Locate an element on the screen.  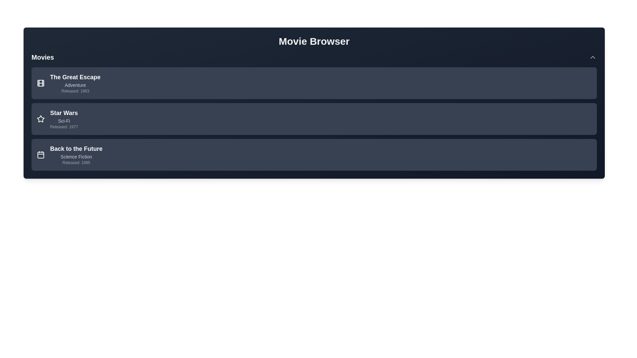
the icon associated with the movie Back to the Future is located at coordinates (40, 154).